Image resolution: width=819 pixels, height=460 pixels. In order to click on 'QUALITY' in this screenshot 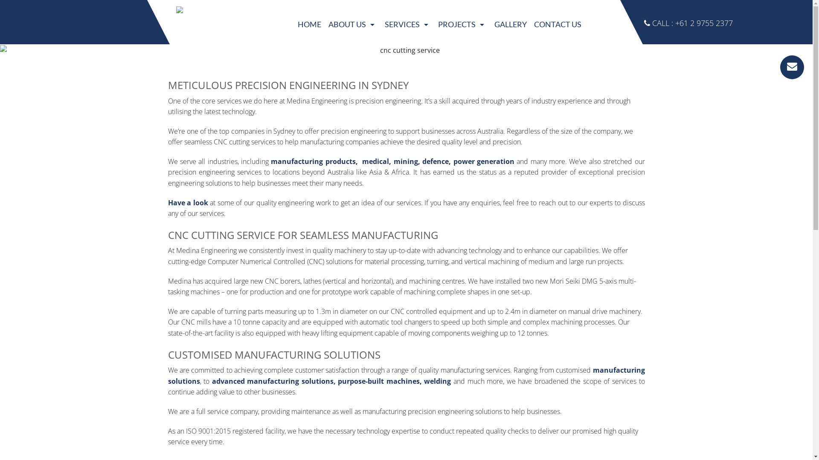, I will do `click(353, 50)`.